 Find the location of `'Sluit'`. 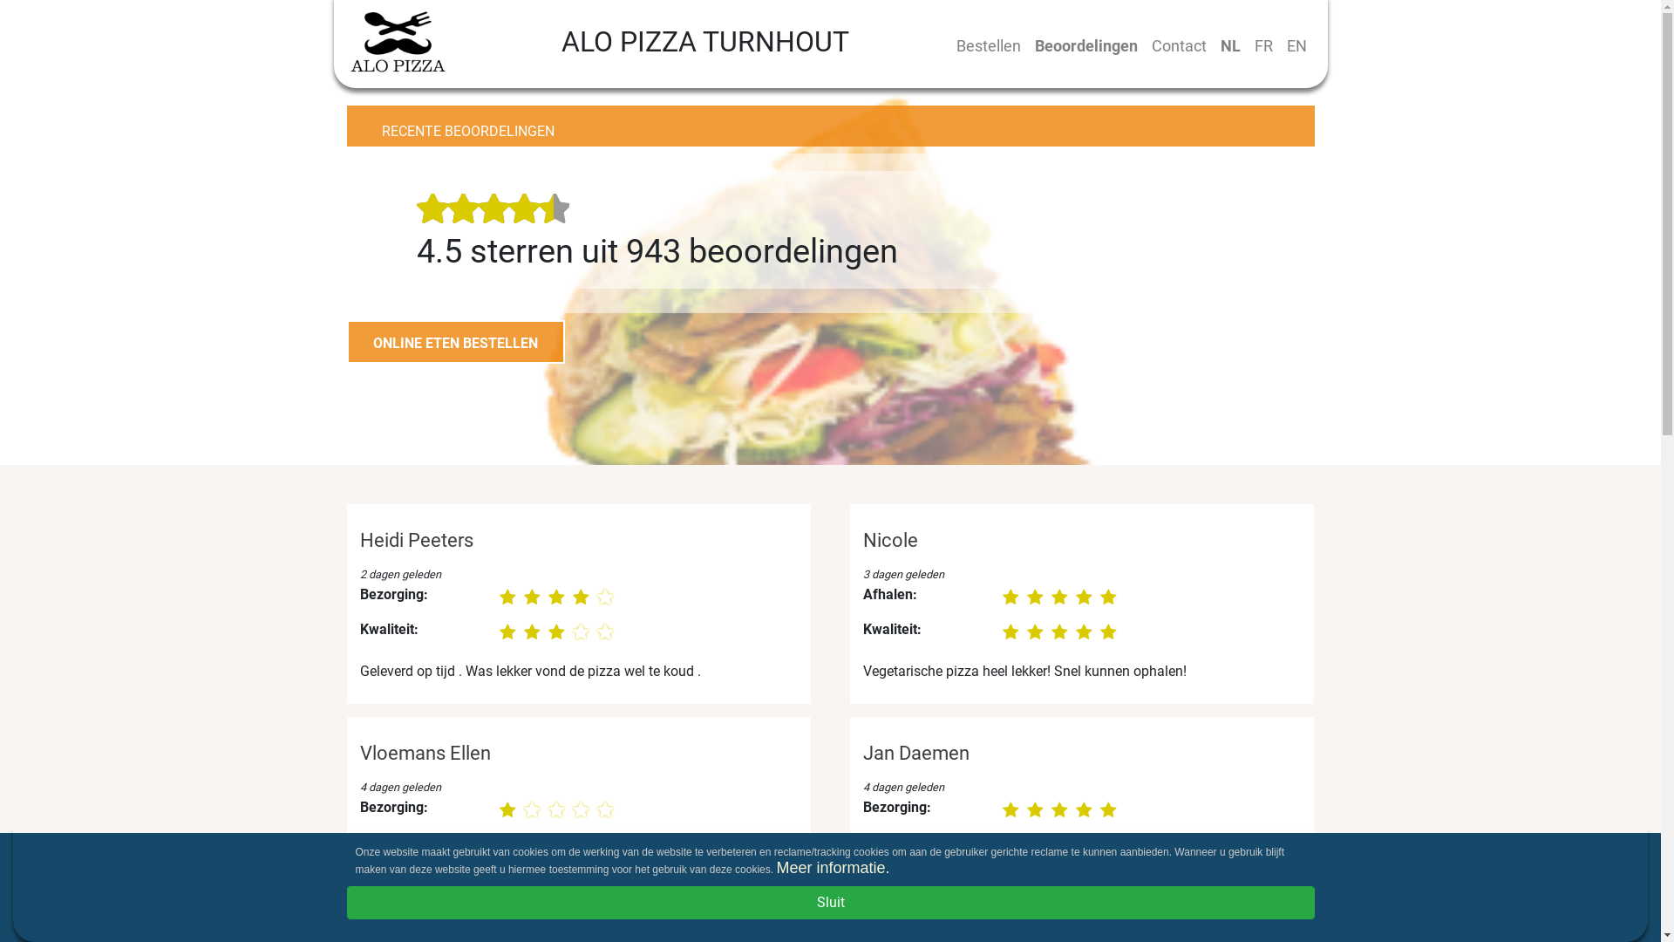

'Sluit' is located at coordinates (830, 902).